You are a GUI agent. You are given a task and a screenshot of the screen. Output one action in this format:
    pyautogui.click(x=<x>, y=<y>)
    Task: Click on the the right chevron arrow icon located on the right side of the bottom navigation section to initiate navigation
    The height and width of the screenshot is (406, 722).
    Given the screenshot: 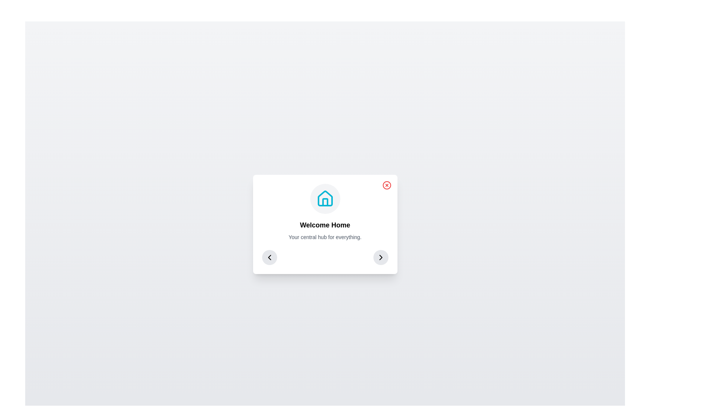 What is the action you would take?
    pyautogui.click(x=381, y=257)
    